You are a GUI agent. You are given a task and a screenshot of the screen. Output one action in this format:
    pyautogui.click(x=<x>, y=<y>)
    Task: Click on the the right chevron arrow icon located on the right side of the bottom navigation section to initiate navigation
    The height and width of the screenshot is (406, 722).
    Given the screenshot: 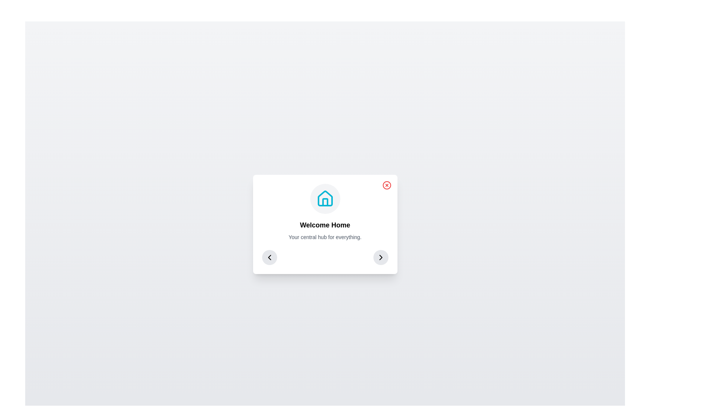 What is the action you would take?
    pyautogui.click(x=381, y=257)
    